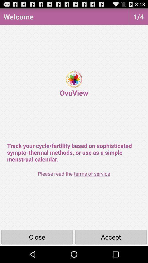 This screenshot has width=148, height=263. I want to click on the close at the bottom left corner, so click(37, 237).